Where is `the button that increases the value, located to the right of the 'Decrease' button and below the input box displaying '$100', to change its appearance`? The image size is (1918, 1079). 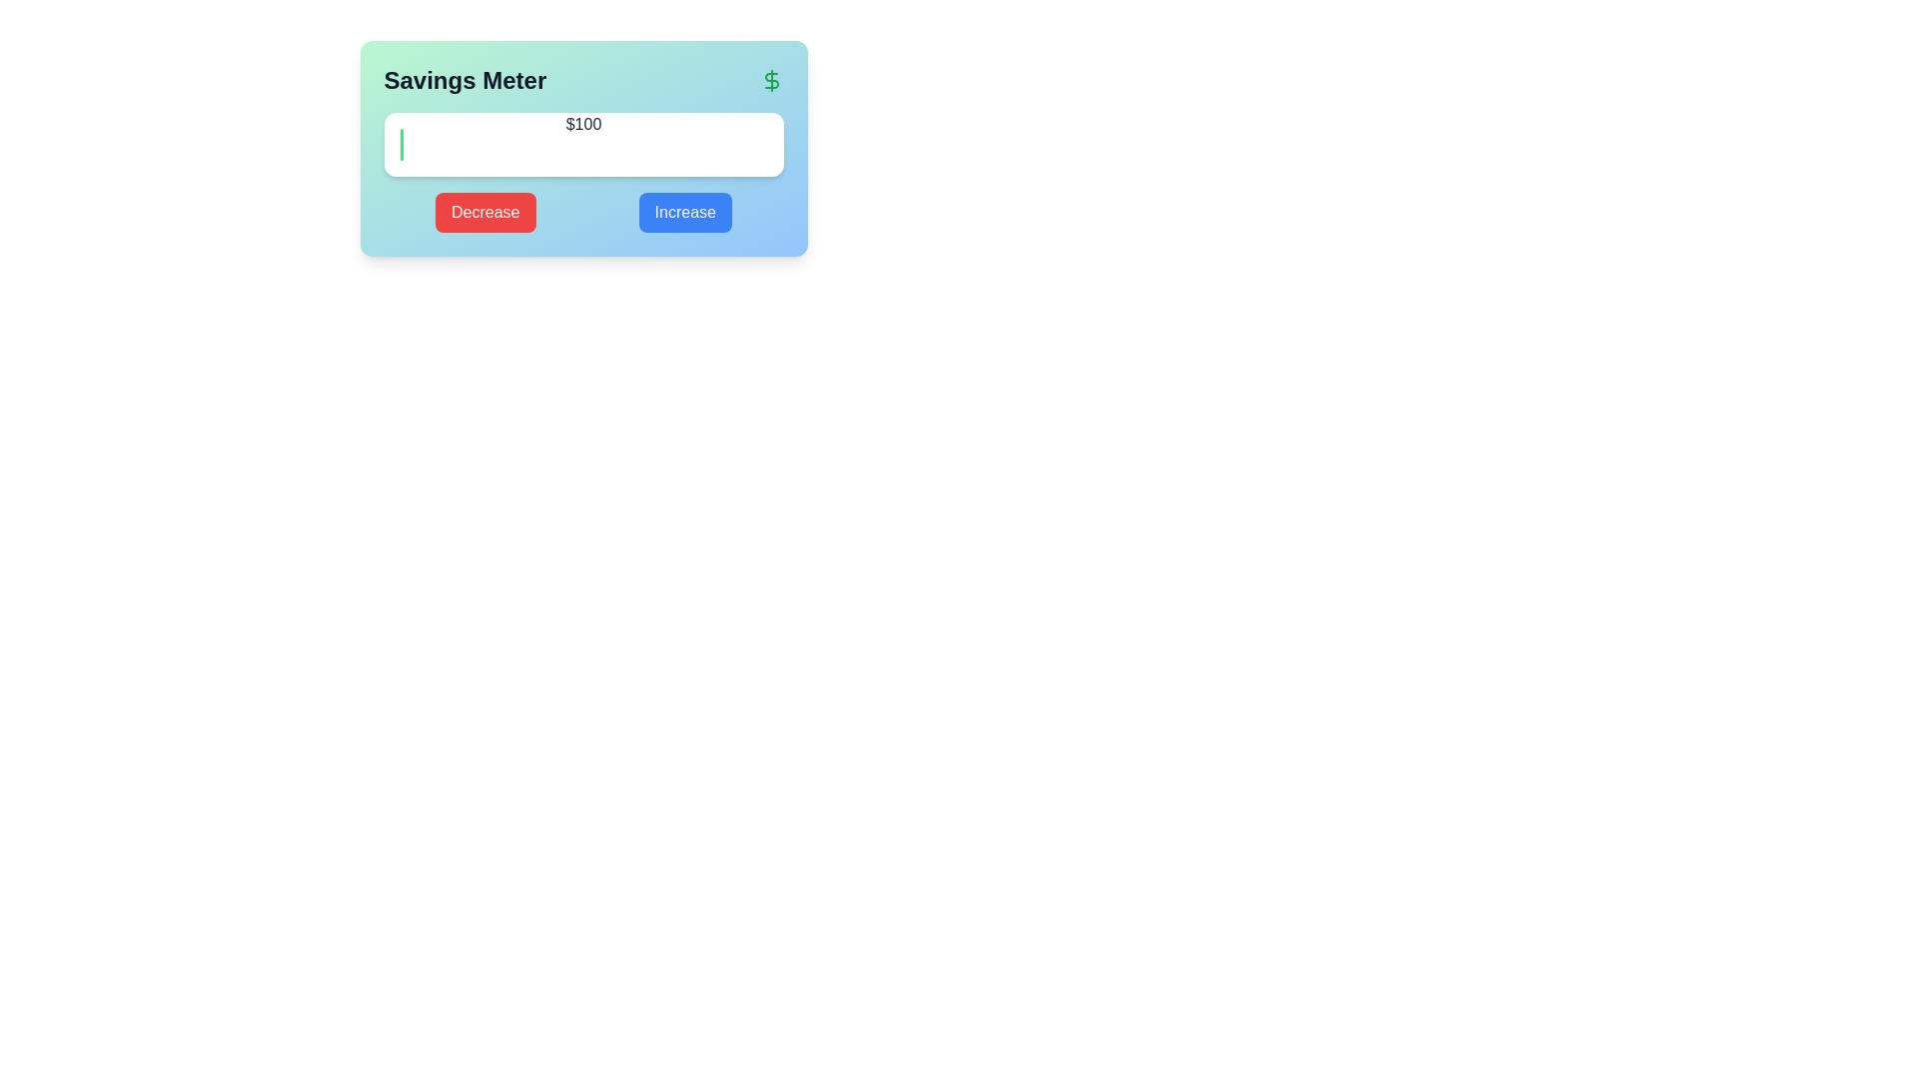
the button that increases the value, located to the right of the 'Decrease' button and below the input box displaying '$100', to change its appearance is located at coordinates (685, 212).